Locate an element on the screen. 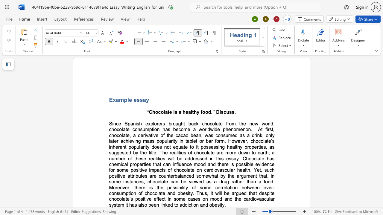 The height and width of the screenshot is (215, 383). the space between the continuous character "h" and "o" in the text is located at coordinates (179, 170).